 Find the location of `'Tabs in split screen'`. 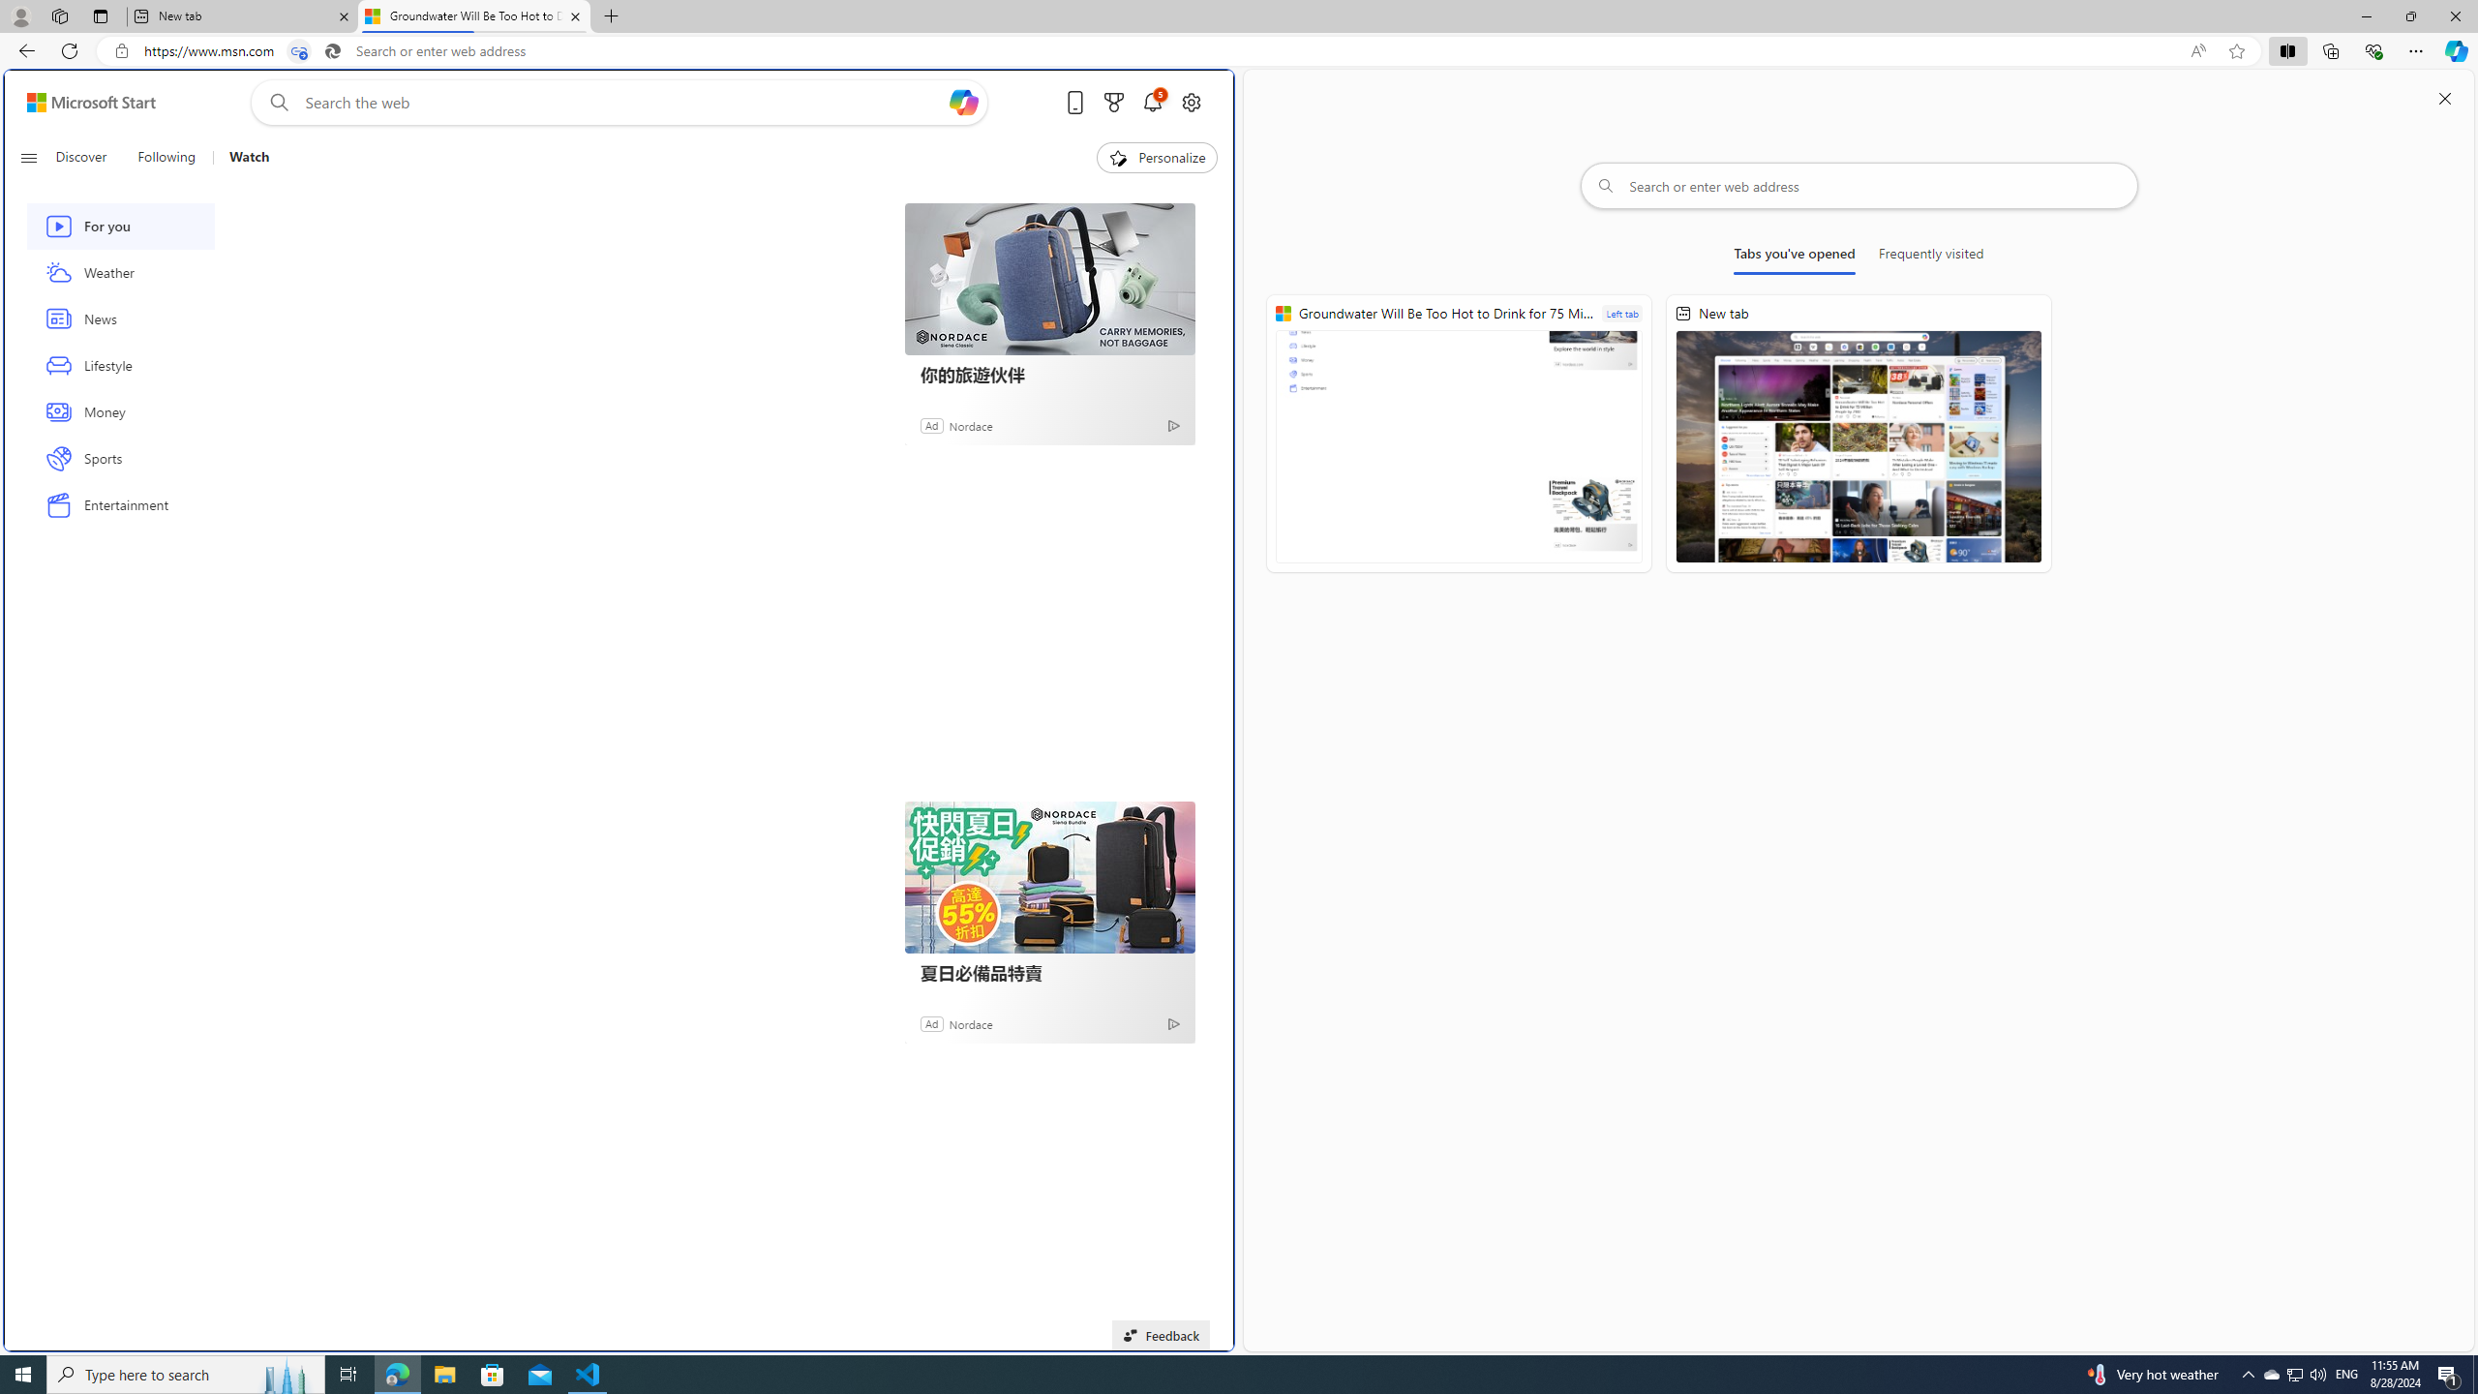

'Tabs in split screen' is located at coordinates (299, 51).